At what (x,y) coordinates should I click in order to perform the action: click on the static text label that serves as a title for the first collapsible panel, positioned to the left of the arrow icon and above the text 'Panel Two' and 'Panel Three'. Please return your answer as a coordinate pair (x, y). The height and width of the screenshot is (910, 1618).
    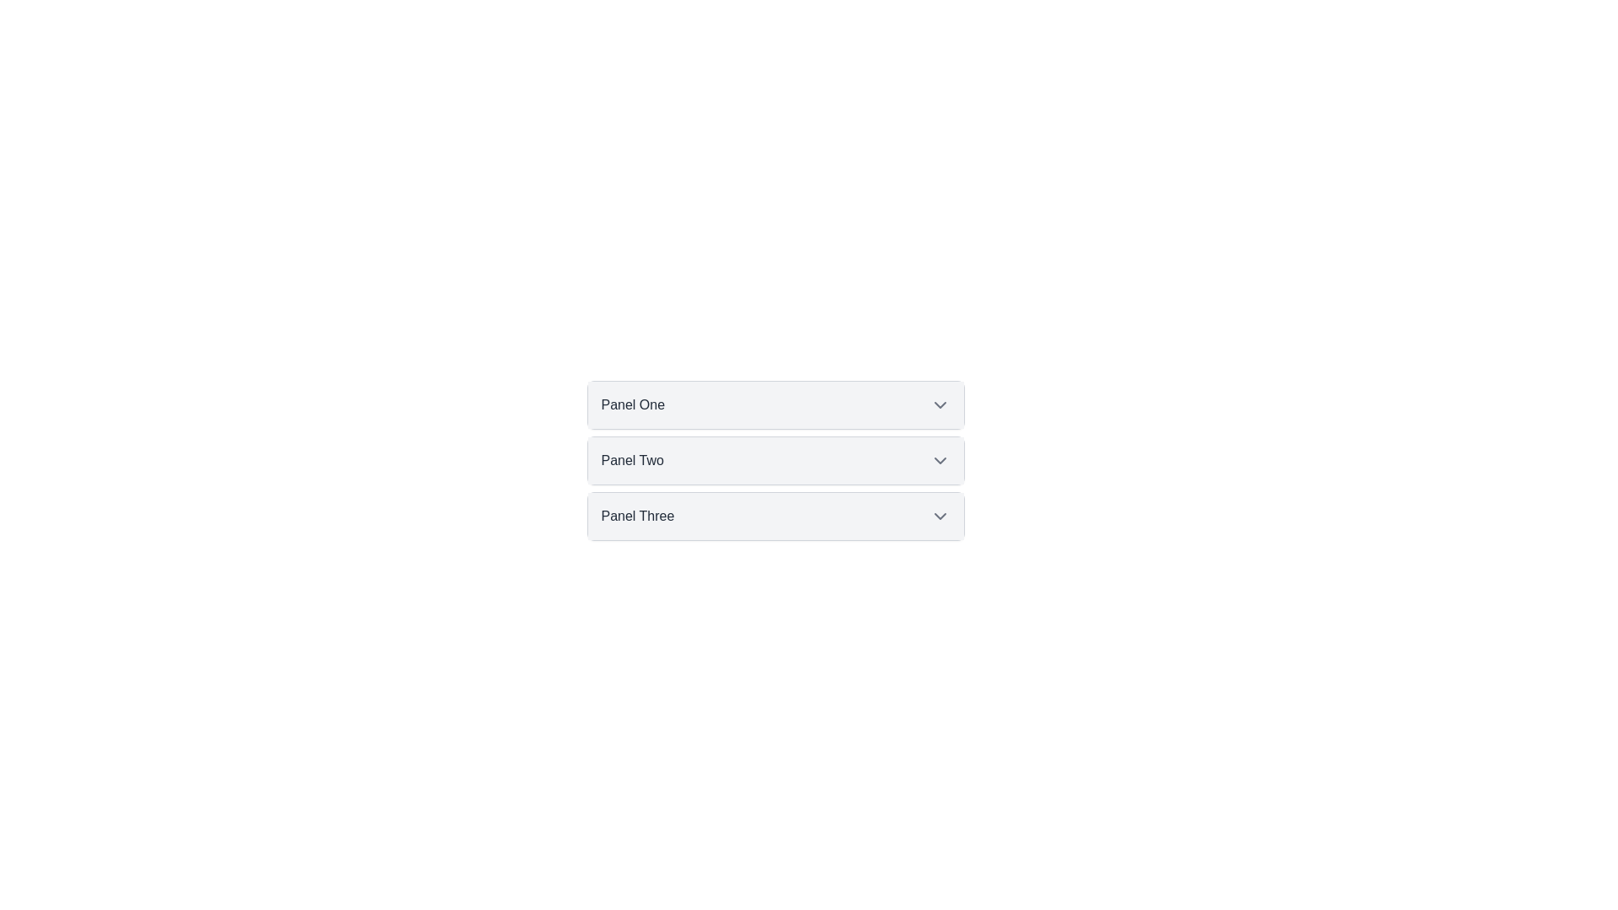
    Looking at the image, I should click on (632, 405).